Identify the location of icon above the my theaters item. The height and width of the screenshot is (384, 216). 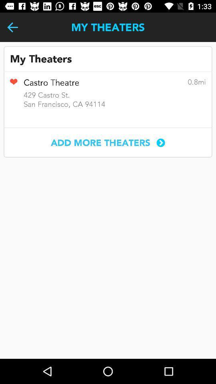
(12, 27).